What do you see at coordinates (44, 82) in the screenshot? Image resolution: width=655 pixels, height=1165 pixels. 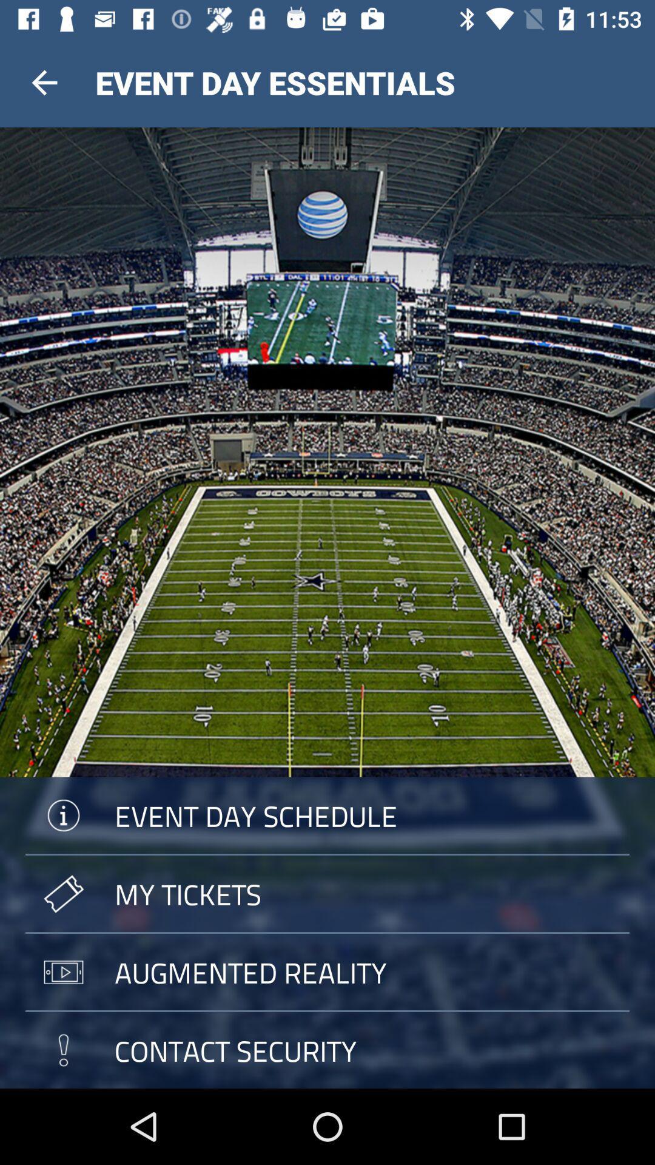 I see `the app to the left of the event day essentials` at bounding box center [44, 82].